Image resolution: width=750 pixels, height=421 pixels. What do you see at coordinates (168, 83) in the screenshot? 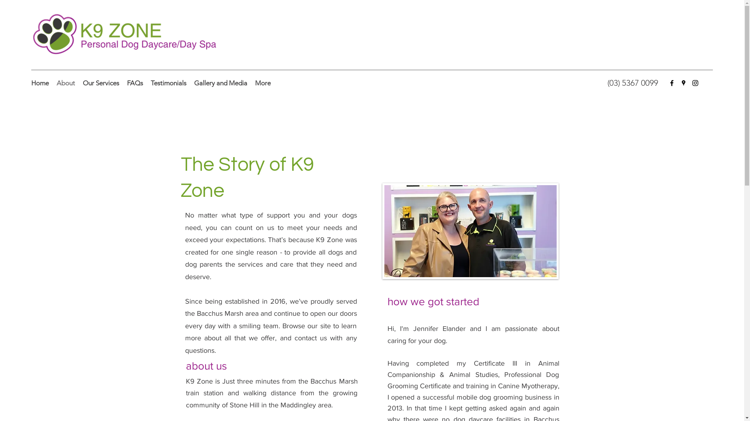
I see `'Testimonials'` at bounding box center [168, 83].